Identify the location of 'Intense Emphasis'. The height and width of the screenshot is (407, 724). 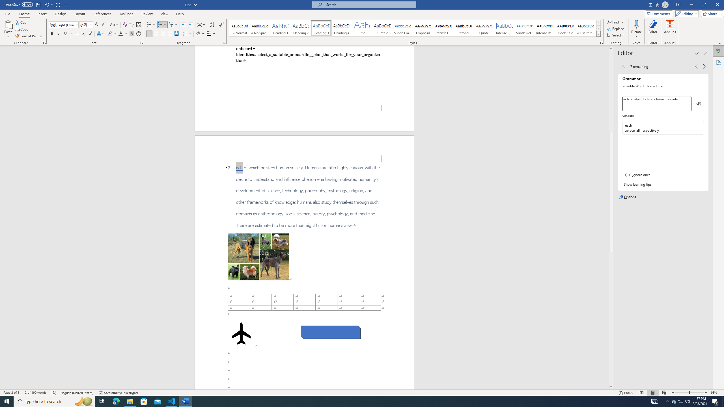
(443, 28).